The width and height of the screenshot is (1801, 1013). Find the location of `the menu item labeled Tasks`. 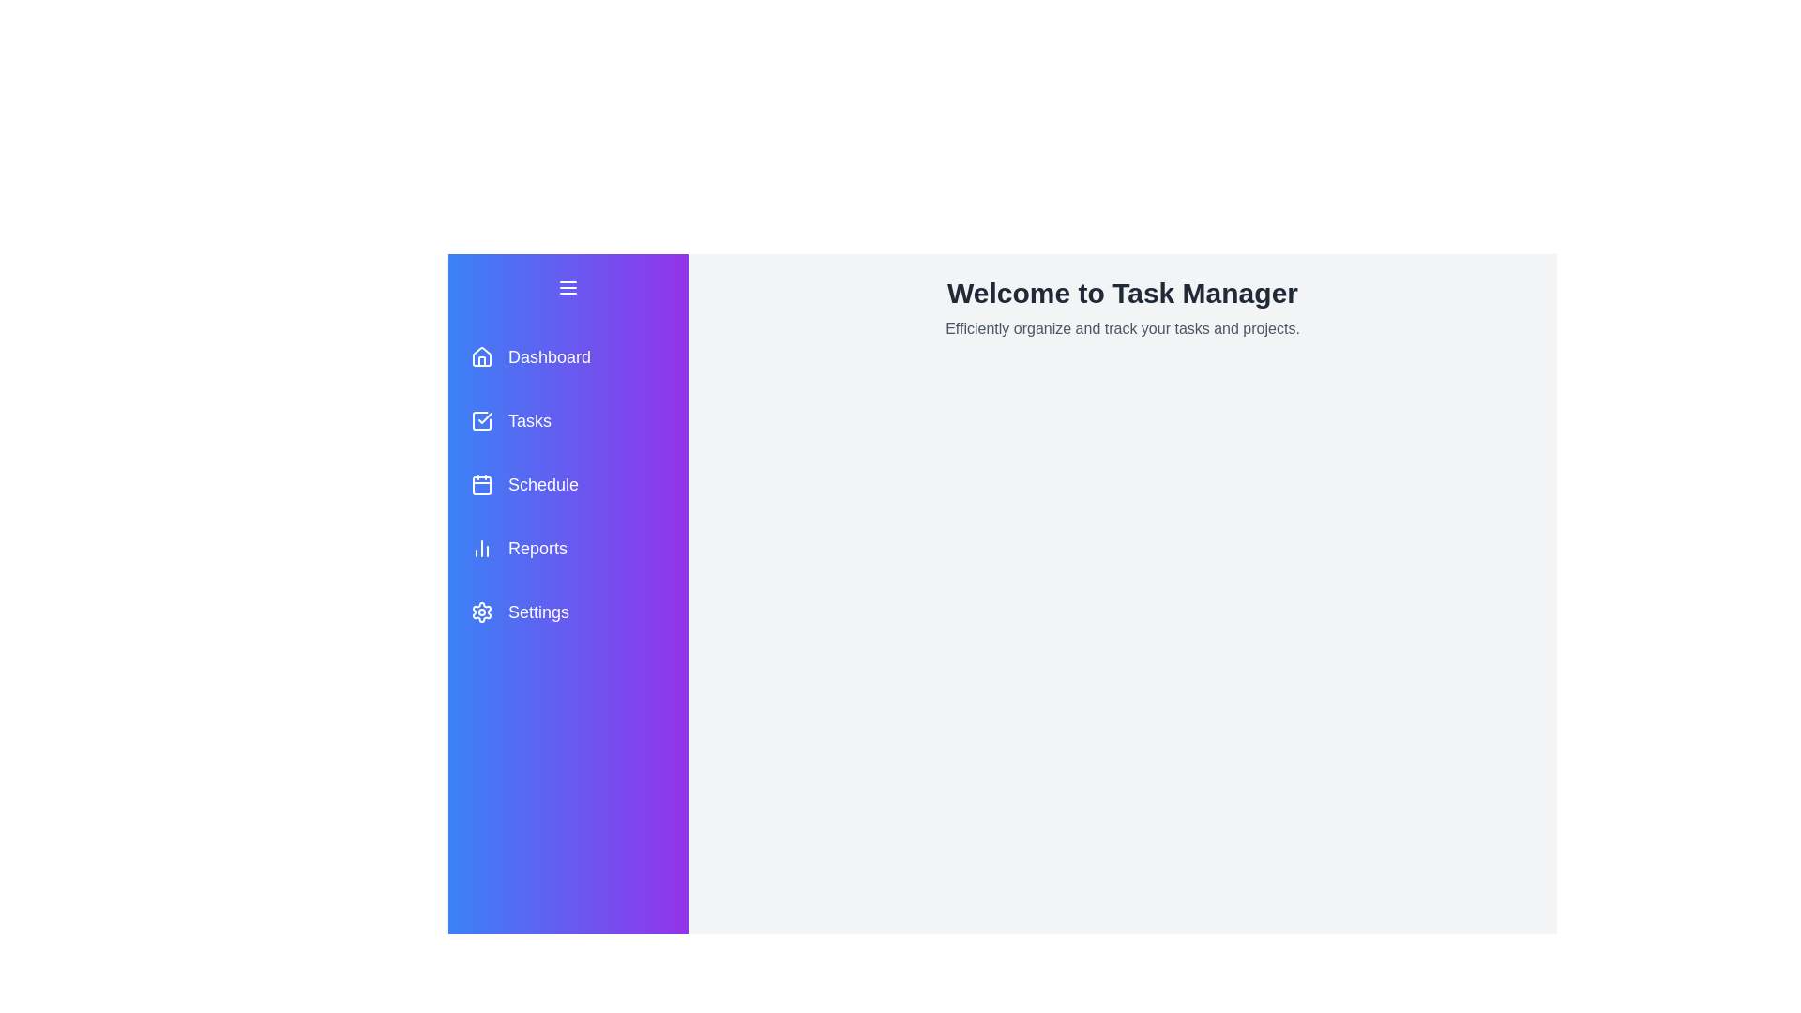

the menu item labeled Tasks is located at coordinates (567, 419).